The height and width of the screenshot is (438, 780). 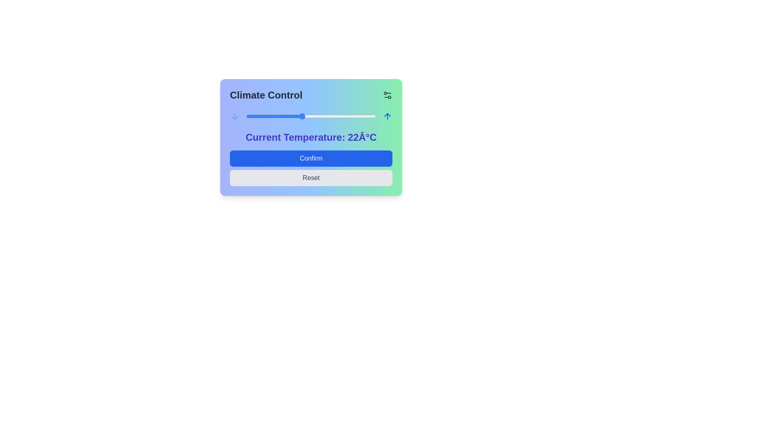 I want to click on the Settings icon to open the settings menu, so click(x=387, y=95).